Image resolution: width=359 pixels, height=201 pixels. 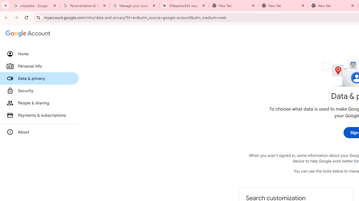 I want to click on 'Personal info', so click(x=39, y=66).